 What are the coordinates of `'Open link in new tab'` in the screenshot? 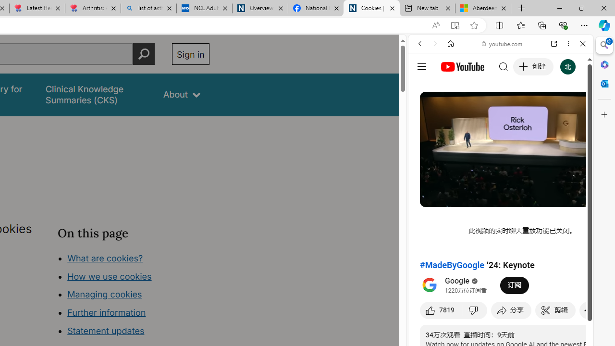 It's located at (554, 44).